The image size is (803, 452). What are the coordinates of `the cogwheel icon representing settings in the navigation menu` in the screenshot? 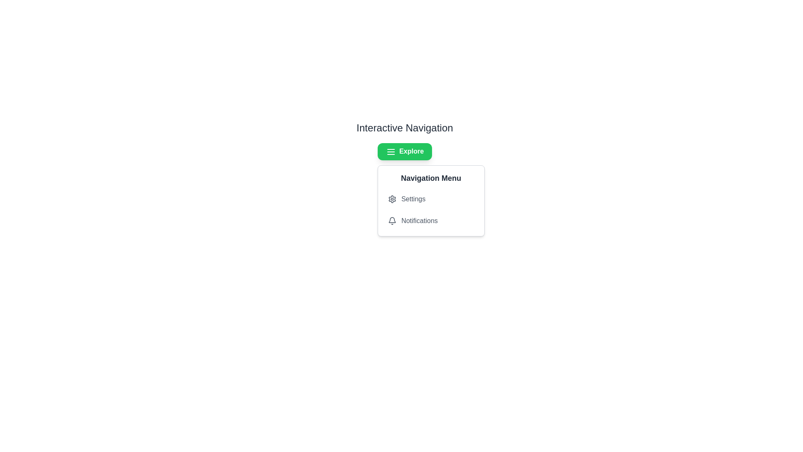 It's located at (391, 199).